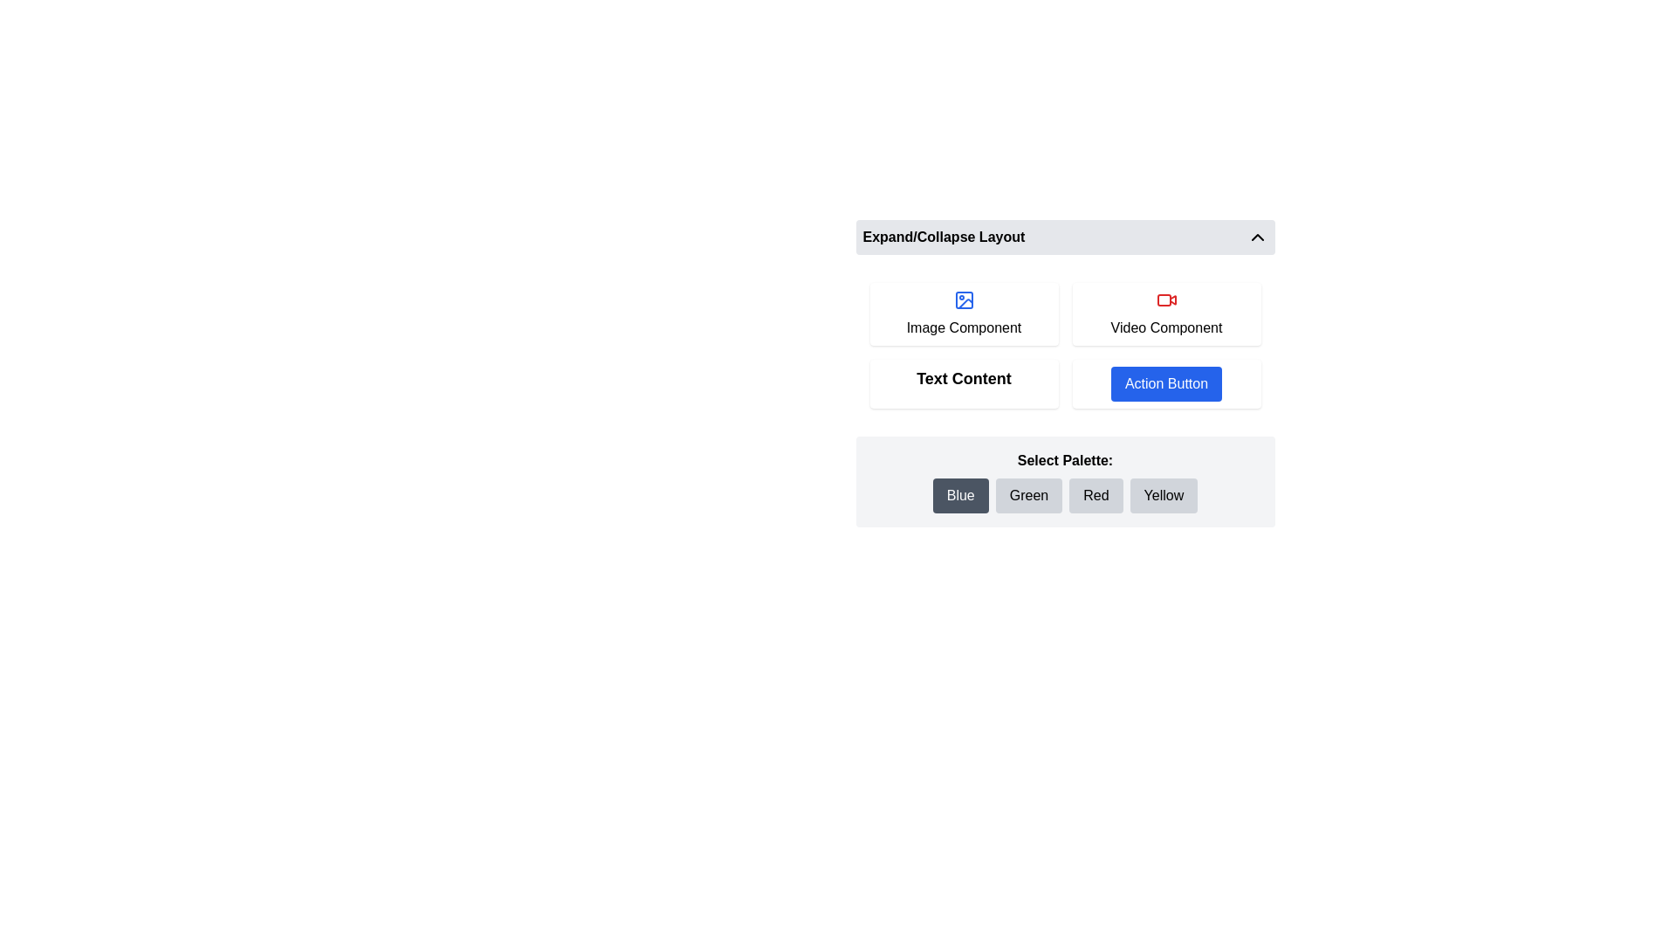 This screenshot has width=1676, height=943. What do you see at coordinates (1029, 495) in the screenshot?
I see `the 'Green' button` at bounding box center [1029, 495].